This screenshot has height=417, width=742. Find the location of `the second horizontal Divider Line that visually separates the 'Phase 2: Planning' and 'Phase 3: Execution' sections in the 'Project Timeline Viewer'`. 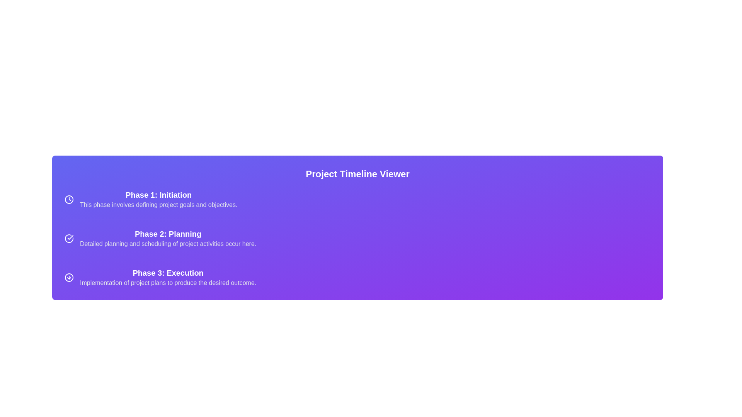

the second horizontal Divider Line that visually separates the 'Phase 2: Planning' and 'Phase 3: Execution' sections in the 'Project Timeline Viewer' is located at coordinates (357, 258).